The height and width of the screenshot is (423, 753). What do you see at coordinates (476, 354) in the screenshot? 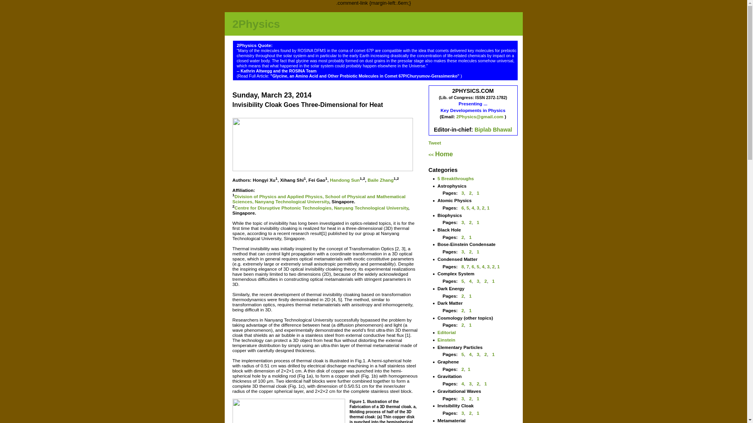
I see `'3'` at bounding box center [476, 354].